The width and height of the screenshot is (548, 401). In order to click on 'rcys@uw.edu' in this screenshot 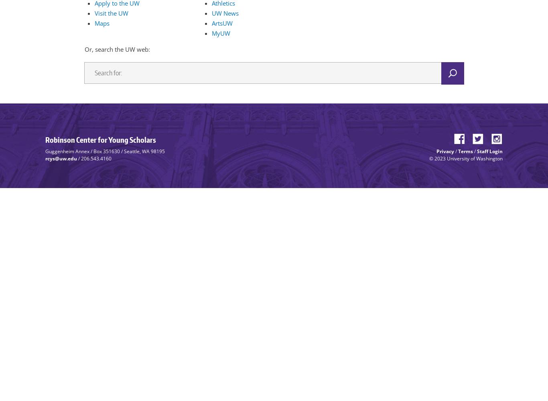, I will do `click(45, 158)`.